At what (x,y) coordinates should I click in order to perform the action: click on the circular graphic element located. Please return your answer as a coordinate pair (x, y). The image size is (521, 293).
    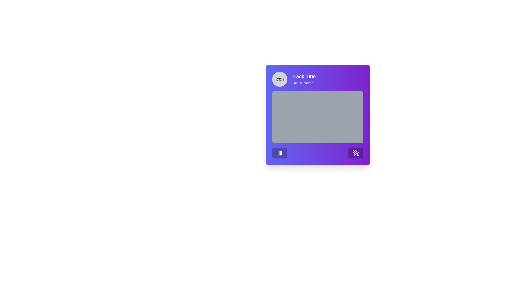
    Looking at the image, I should click on (279, 79).